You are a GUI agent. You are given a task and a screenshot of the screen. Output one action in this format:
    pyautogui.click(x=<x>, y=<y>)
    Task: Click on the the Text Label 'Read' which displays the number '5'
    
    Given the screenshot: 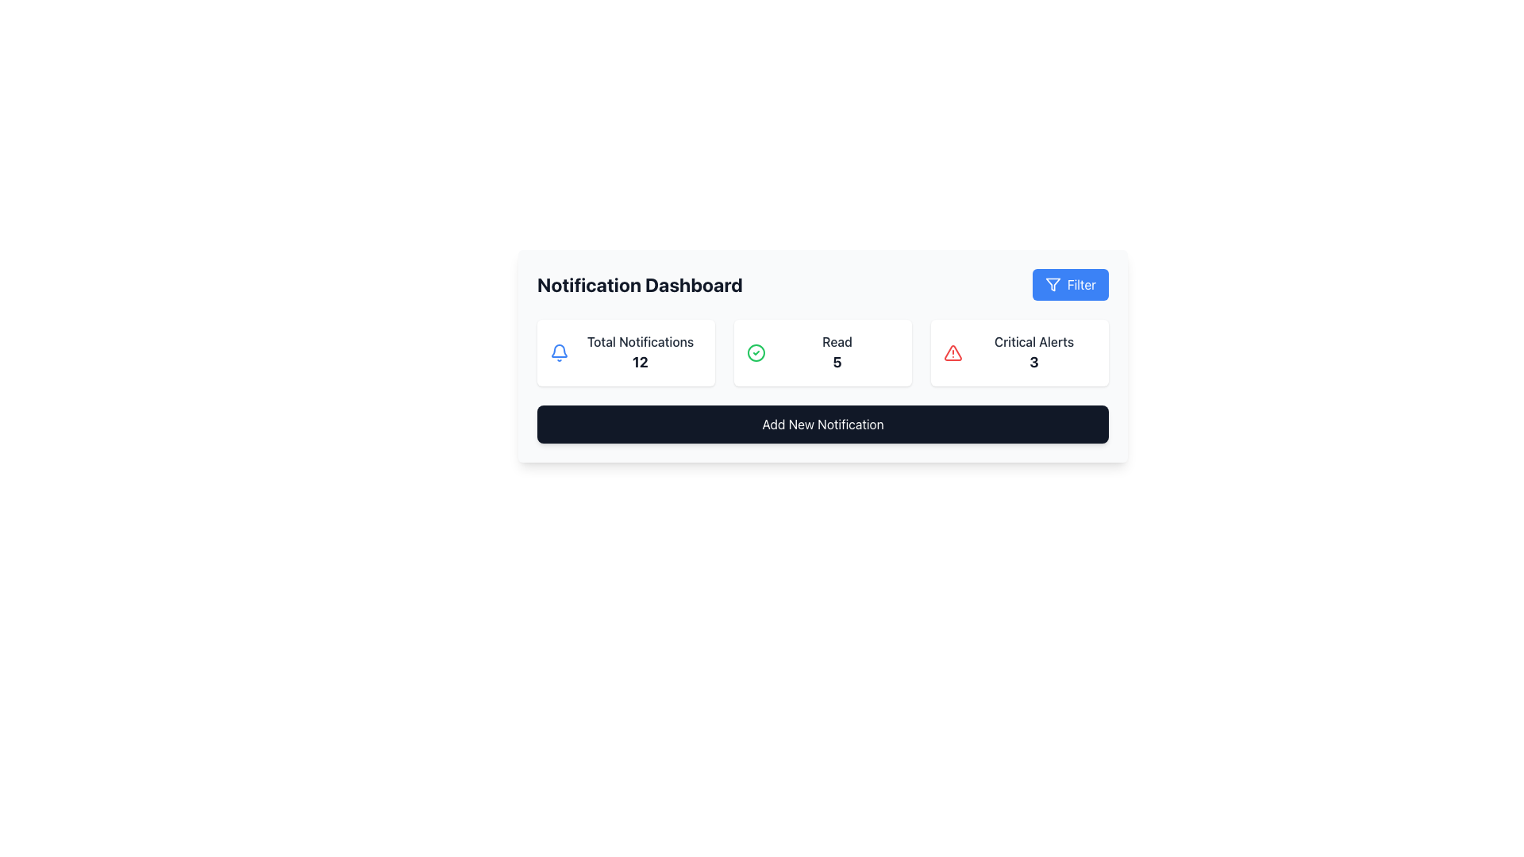 What is the action you would take?
    pyautogui.click(x=837, y=352)
    